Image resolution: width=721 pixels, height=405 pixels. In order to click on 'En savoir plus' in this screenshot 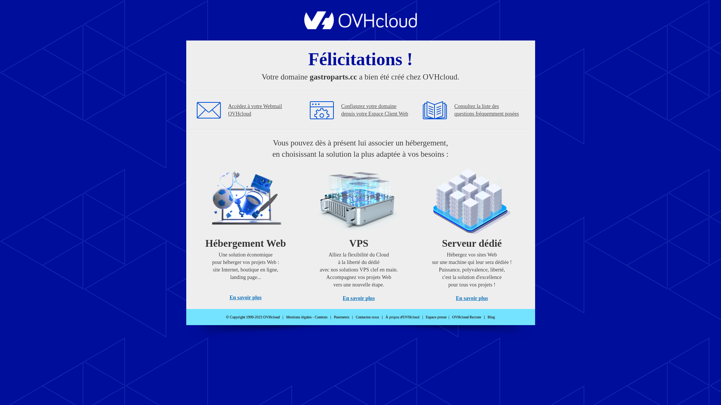, I will do `click(229, 297)`.